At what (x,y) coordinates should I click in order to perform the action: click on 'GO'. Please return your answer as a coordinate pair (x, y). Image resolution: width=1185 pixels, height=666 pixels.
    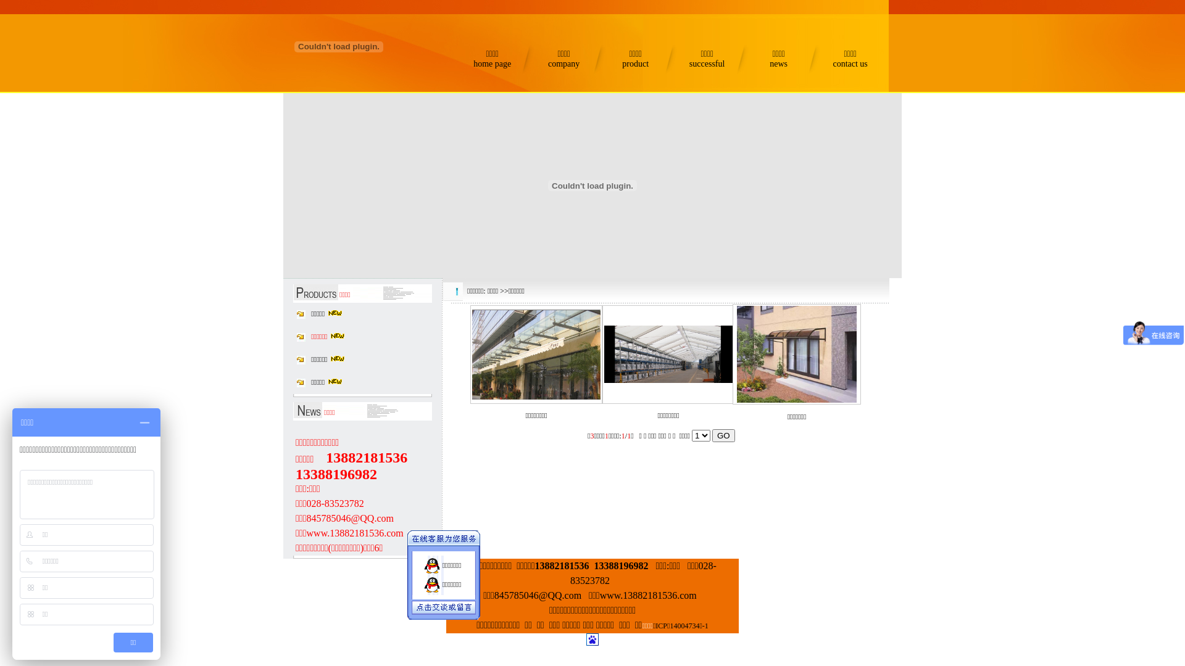
    Looking at the image, I should click on (723, 435).